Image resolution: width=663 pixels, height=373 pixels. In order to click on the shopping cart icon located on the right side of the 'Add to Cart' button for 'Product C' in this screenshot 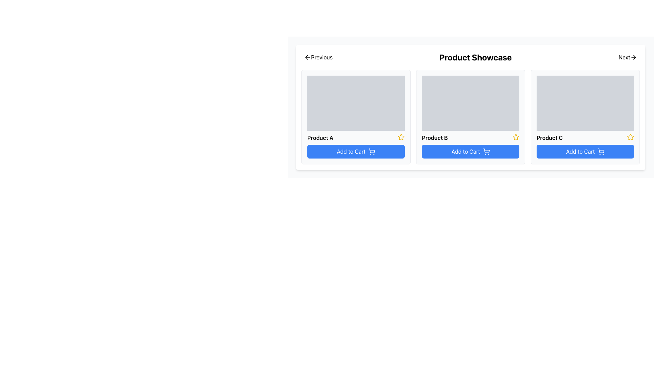, I will do `click(600, 151)`.